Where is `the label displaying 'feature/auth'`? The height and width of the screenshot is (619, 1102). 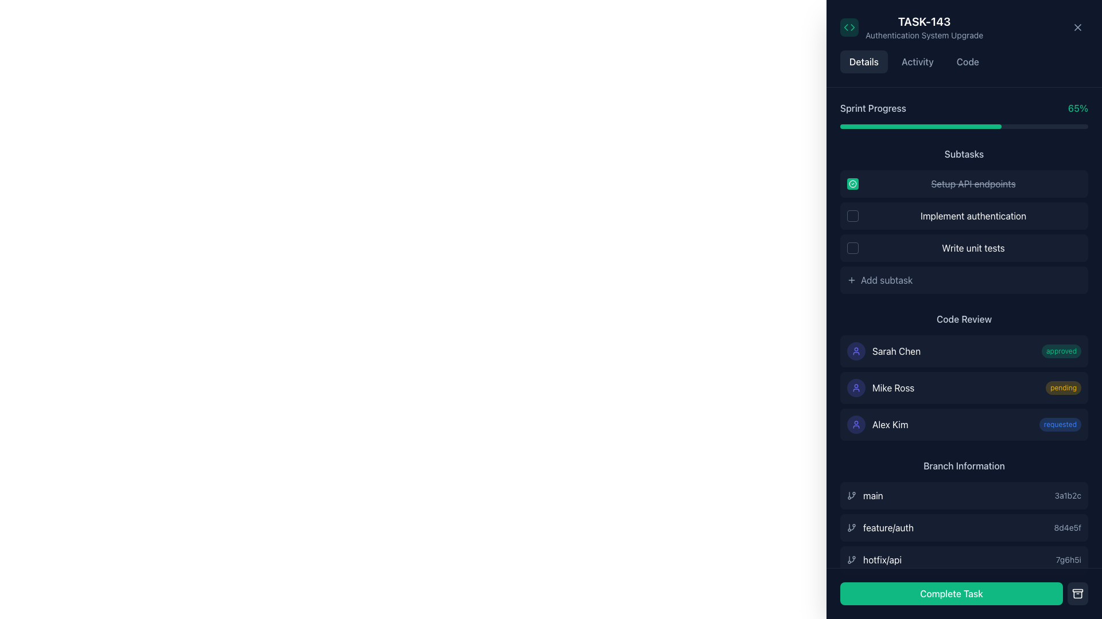
the label displaying 'feature/auth' is located at coordinates (880, 528).